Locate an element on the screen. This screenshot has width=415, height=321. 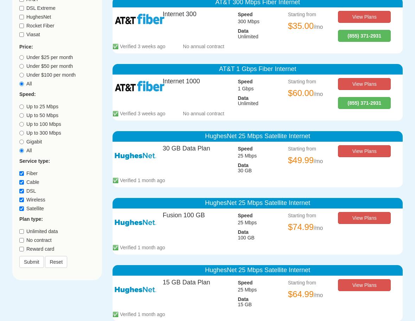
'Fusion 100 GB' is located at coordinates (184, 215).